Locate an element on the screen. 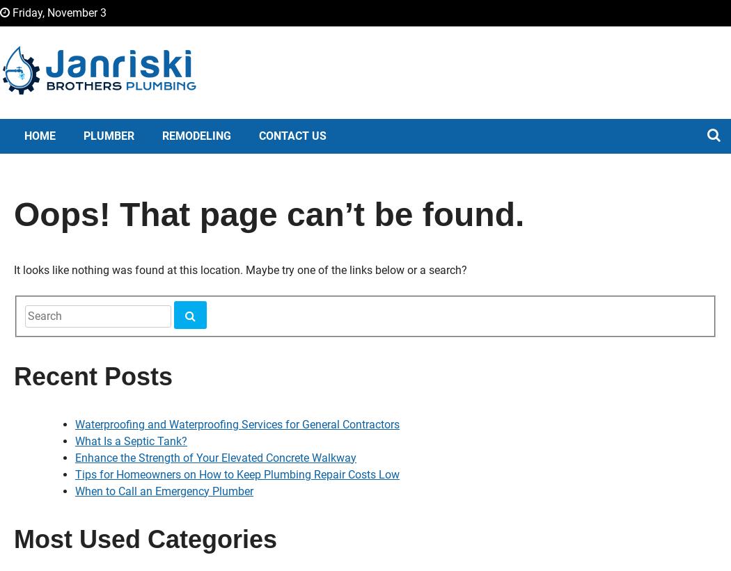 This screenshot has width=731, height=571. 'Janriski Brothers Plumbing' is located at coordinates (182, 122).